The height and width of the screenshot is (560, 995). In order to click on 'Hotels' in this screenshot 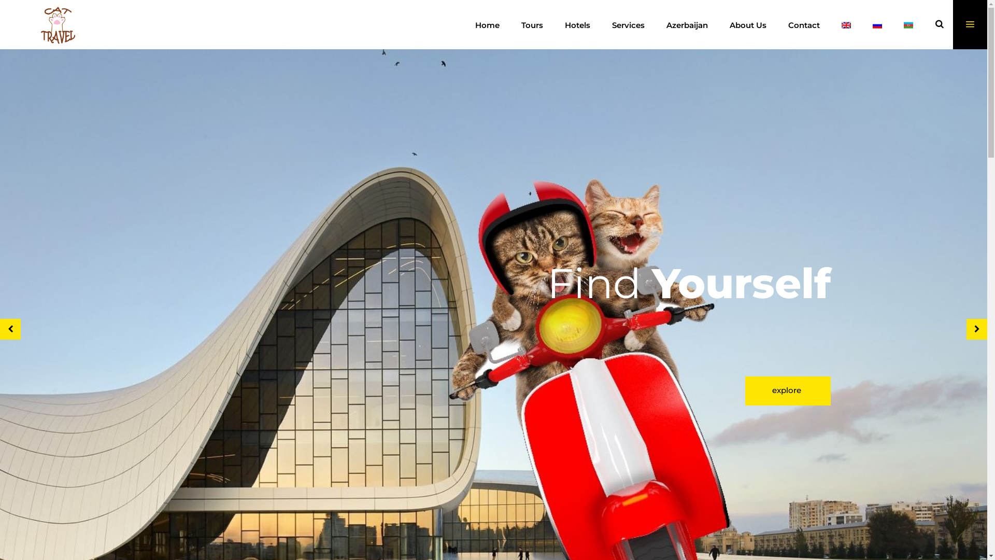, I will do `click(553, 24)`.